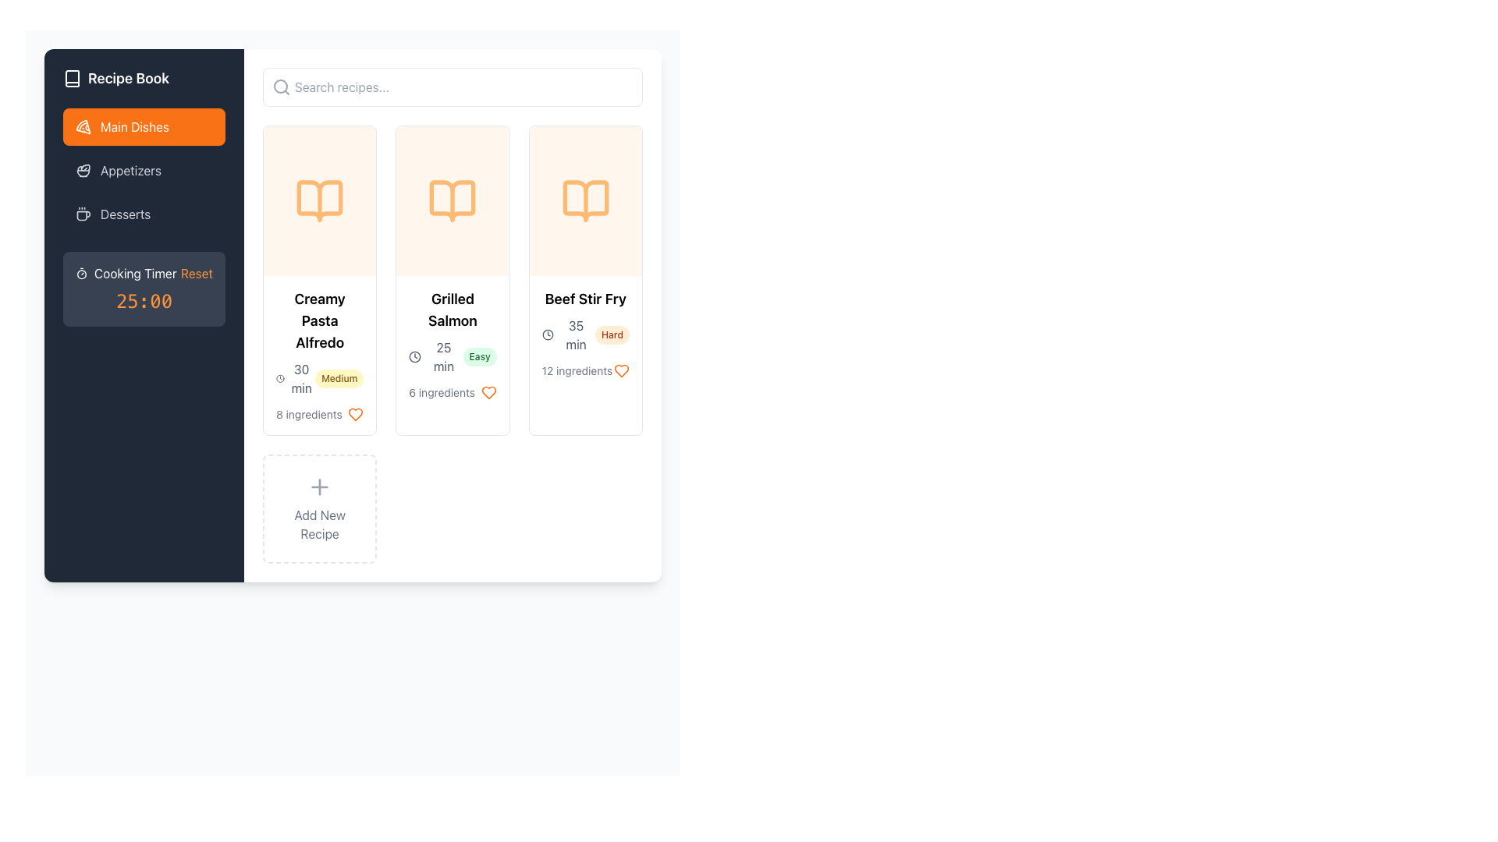  I want to click on the favorite or like icon button located to the right of the '8 ingredients' text, which allows users to mark a recipe as favorite, so click(355, 414).